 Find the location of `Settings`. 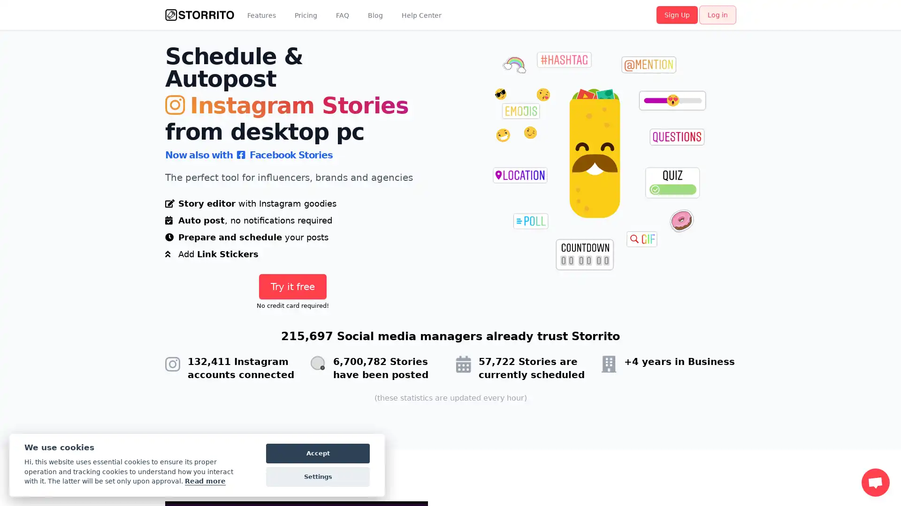

Settings is located at coordinates (318, 477).